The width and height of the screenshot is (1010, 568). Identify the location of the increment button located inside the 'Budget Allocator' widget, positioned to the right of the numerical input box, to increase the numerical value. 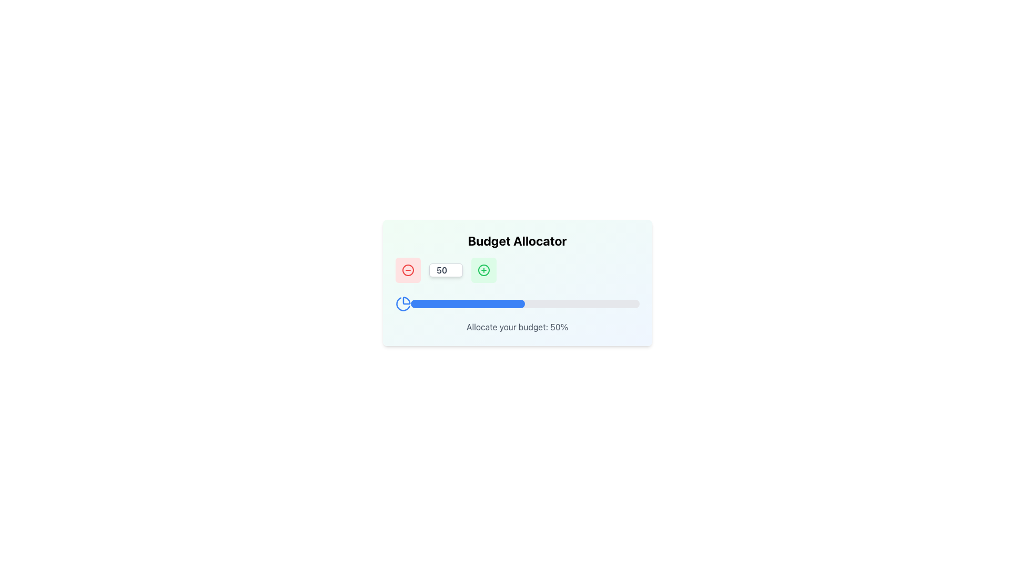
(483, 269).